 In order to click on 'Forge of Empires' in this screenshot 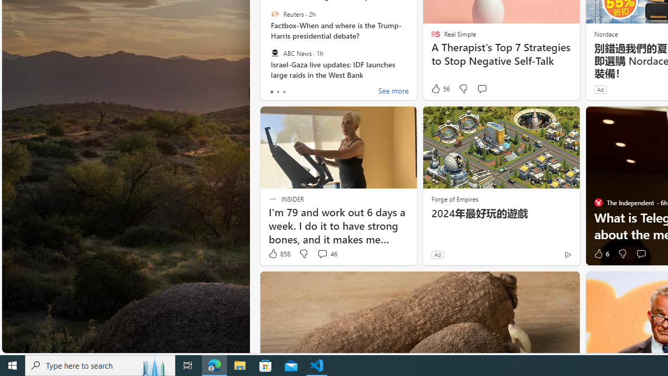, I will do `click(455, 198)`.